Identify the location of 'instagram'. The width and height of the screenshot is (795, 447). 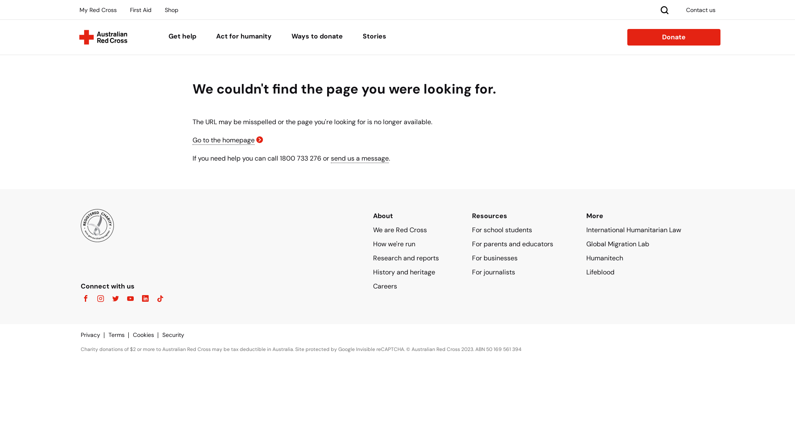
(98, 299).